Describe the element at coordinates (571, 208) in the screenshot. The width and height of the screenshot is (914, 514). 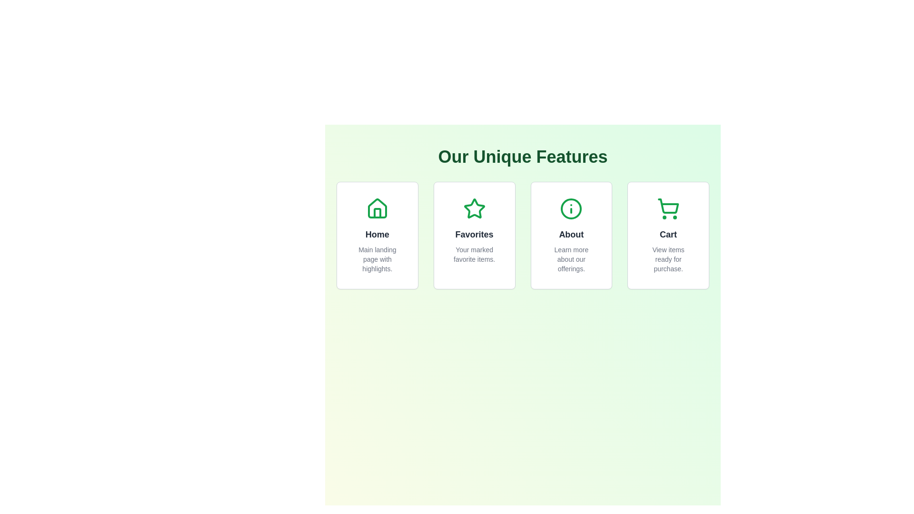
I see `the green circular outline icon with the letter 'i' in lowercase, located in the 'About' feature card, which is the third card from the left in a horizontally aligned list of cards` at that location.